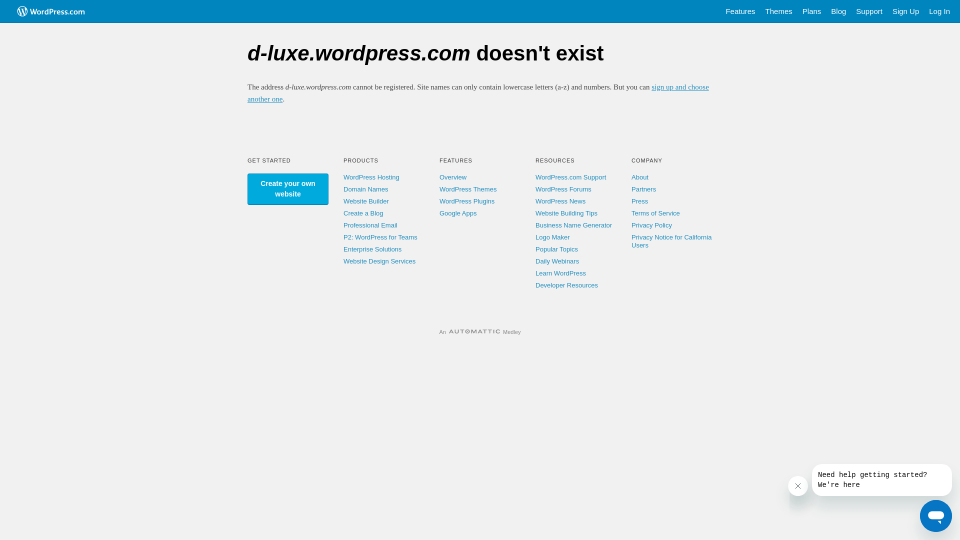  What do you see at coordinates (380, 237) in the screenshot?
I see `'P2: WordPress for Teams'` at bounding box center [380, 237].